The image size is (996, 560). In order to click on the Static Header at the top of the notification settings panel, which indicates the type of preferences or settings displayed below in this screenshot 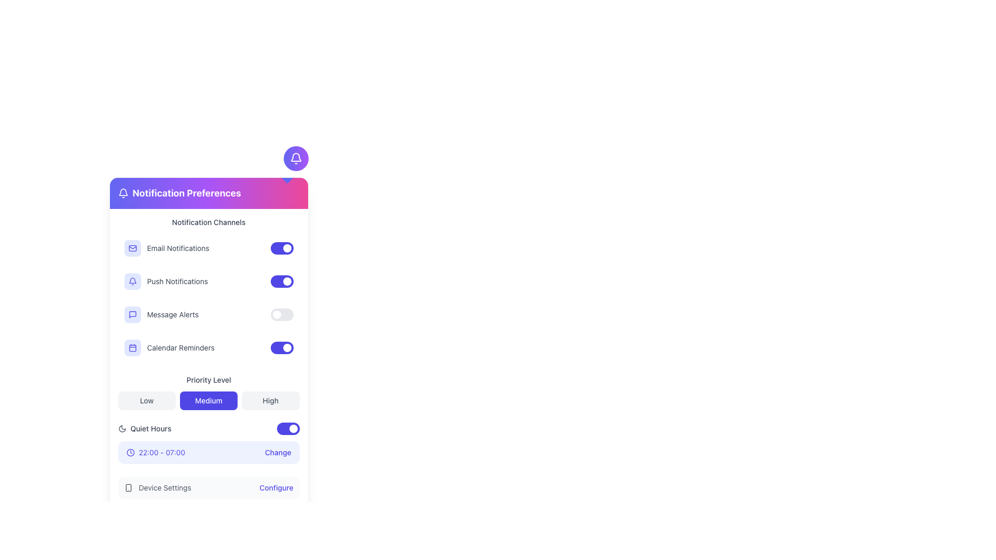, I will do `click(208, 193)`.